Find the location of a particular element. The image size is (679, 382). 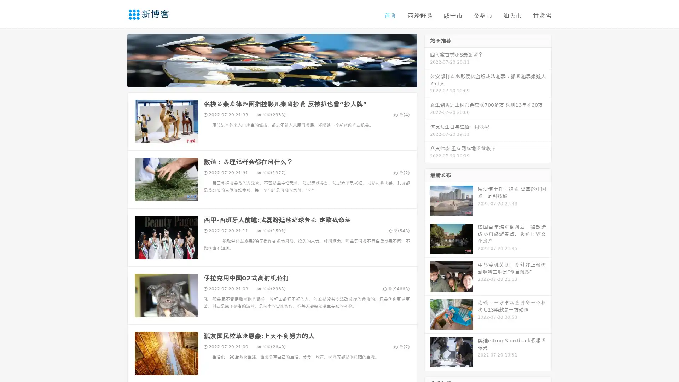

Go to slide 1 is located at coordinates (265, 80).